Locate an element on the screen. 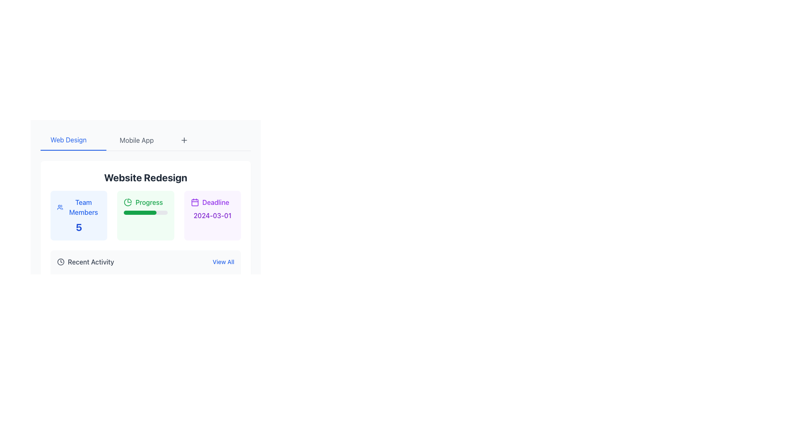  the second navigational tab labeled 'Mobile App' to switch to the Mobile App section of the interface is located at coordinates (142, 140).